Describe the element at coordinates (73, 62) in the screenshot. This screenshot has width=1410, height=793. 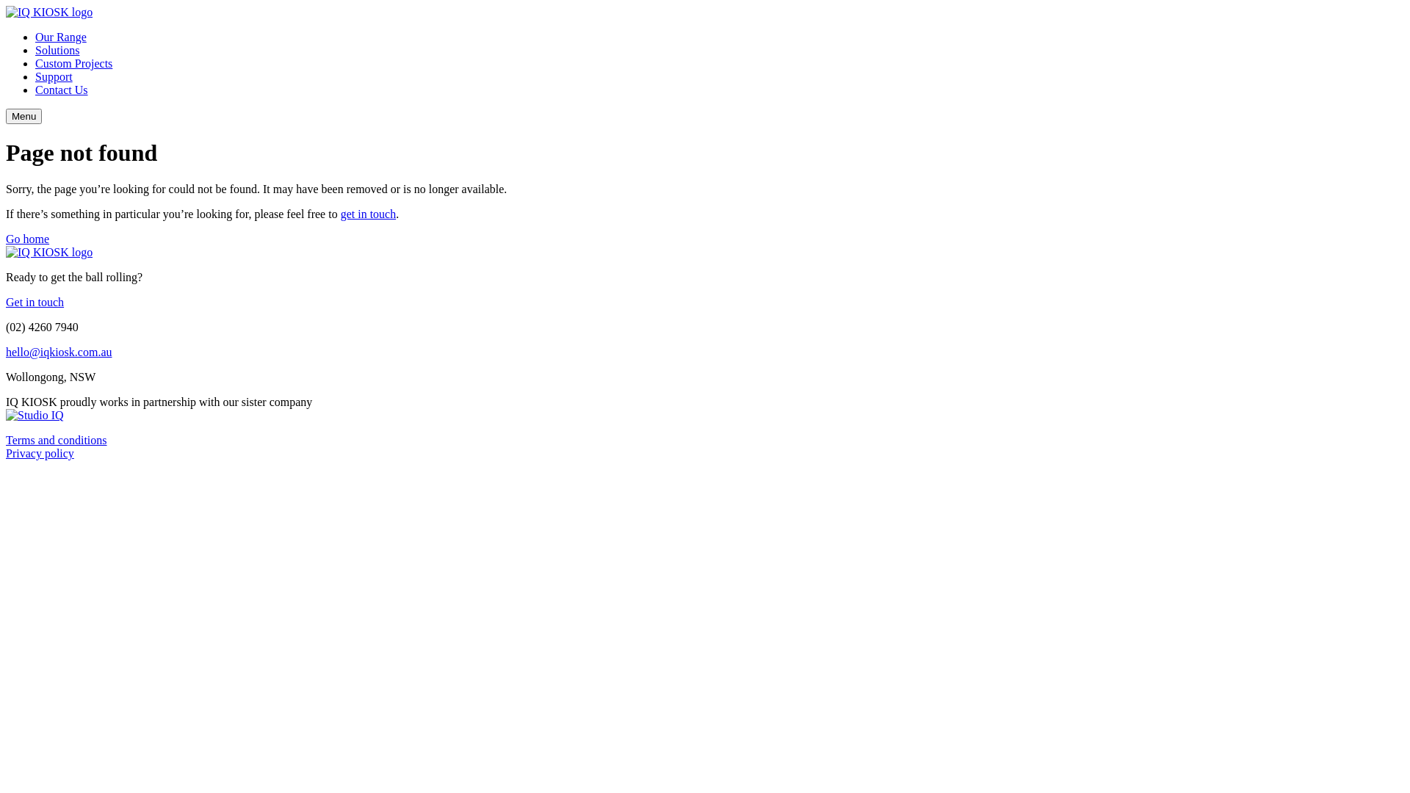
I see `'Custom Projects'` at that location.